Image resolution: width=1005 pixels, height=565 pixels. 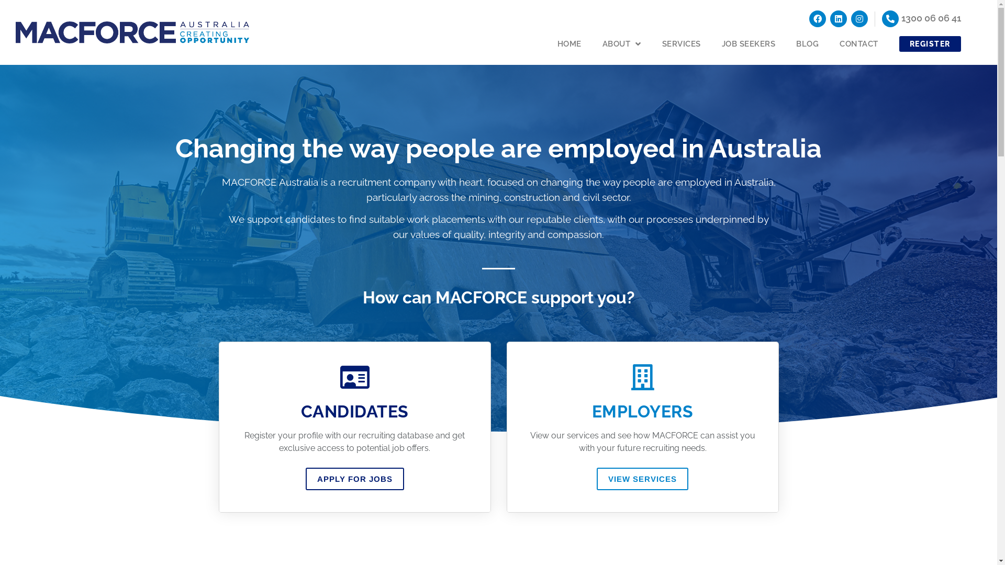 What do you see at coordinates (748, 43) in the screenshot?
I see `'JOB SEEKERS'` at bounding box center [748, 43].